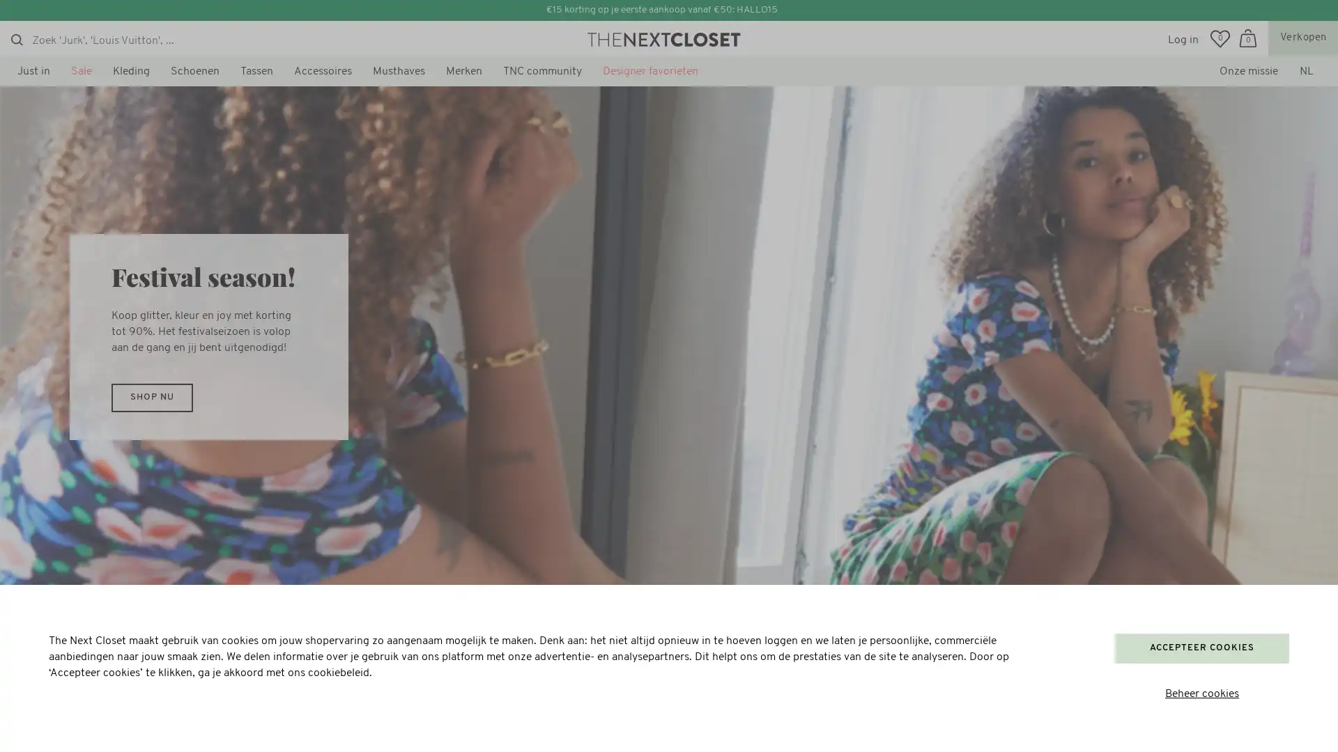 The image size is (1338, 752). Describe the element at coordinates (1201, 694) in the screenshot. I see `Beheer cookies` at that location.